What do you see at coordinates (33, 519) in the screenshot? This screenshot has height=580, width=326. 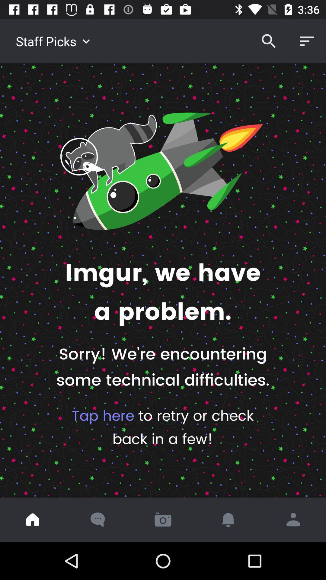 I see `the icon below the tap here to` at bounding box center [33, 519].